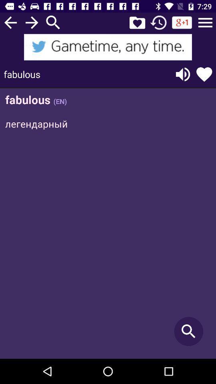  I want to click on go back, so click(10, 22).